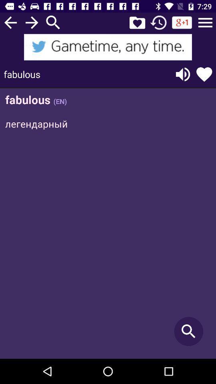  I want to click on go back, so click(10, 22).